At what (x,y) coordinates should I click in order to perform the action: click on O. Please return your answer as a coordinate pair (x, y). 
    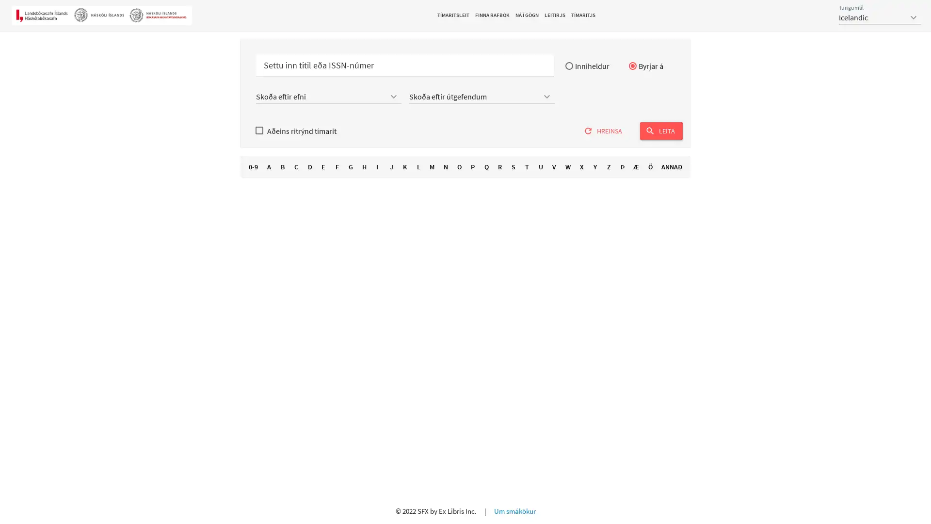
    Looking at the image, I should click on (650, 166).